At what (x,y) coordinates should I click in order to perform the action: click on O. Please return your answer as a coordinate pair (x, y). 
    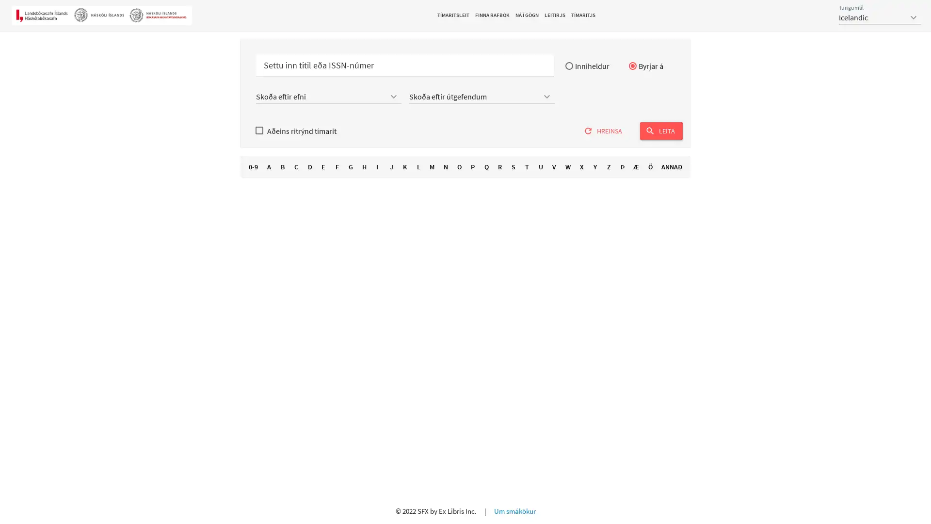
    Looking at the image, I should click on (650, 166).